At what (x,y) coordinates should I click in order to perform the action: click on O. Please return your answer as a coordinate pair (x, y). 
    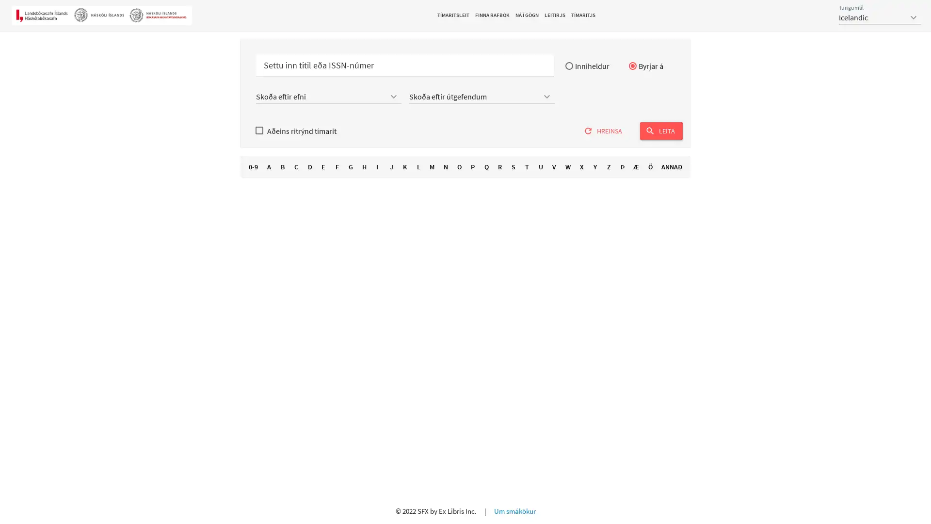
    Looking at the image, I should click on (650, 166).